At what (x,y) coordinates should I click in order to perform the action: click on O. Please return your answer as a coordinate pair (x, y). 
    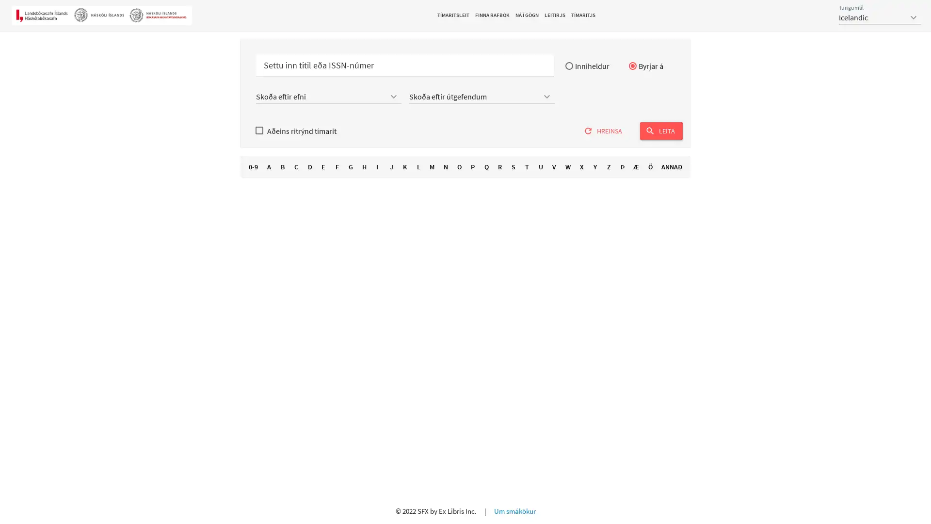
    Looking at the image, I should click on (650, 166).